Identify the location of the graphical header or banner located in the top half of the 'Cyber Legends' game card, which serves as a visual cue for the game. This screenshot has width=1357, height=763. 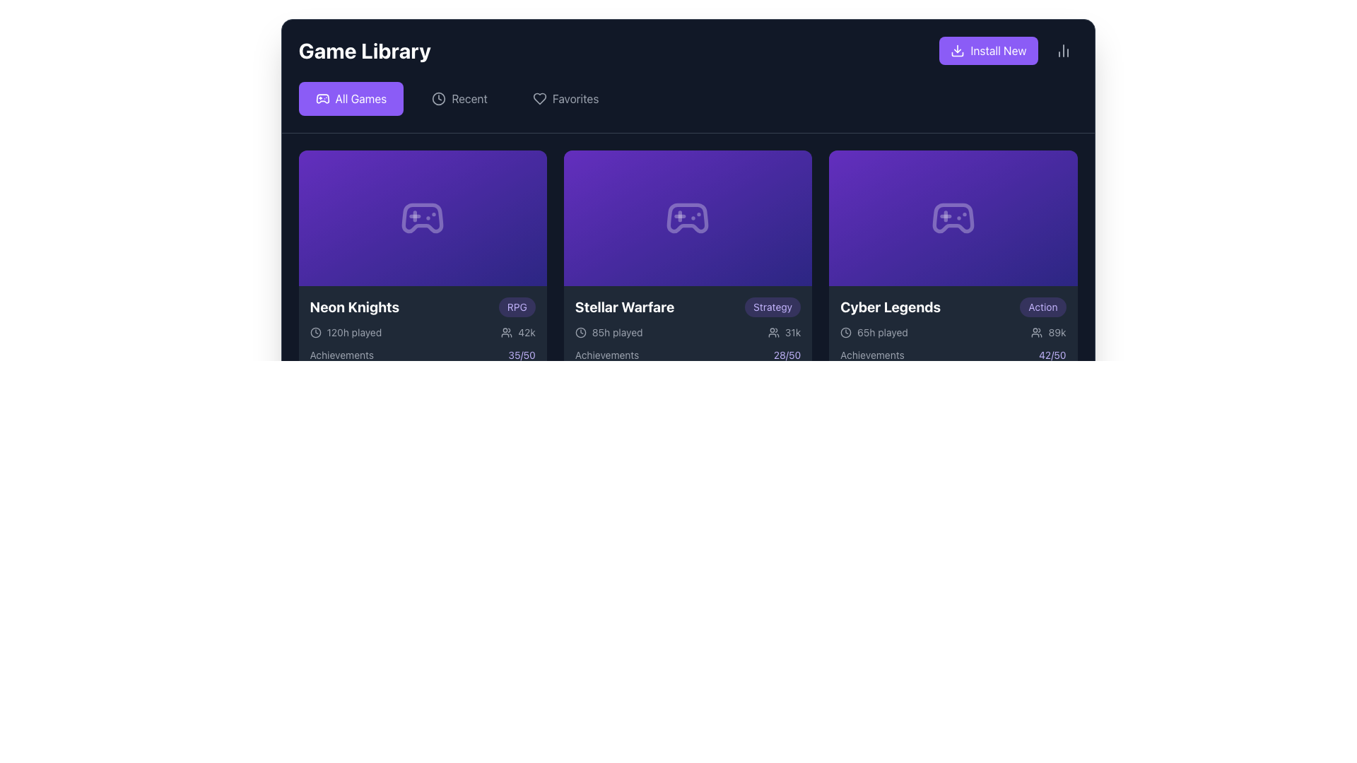
(953, 218).